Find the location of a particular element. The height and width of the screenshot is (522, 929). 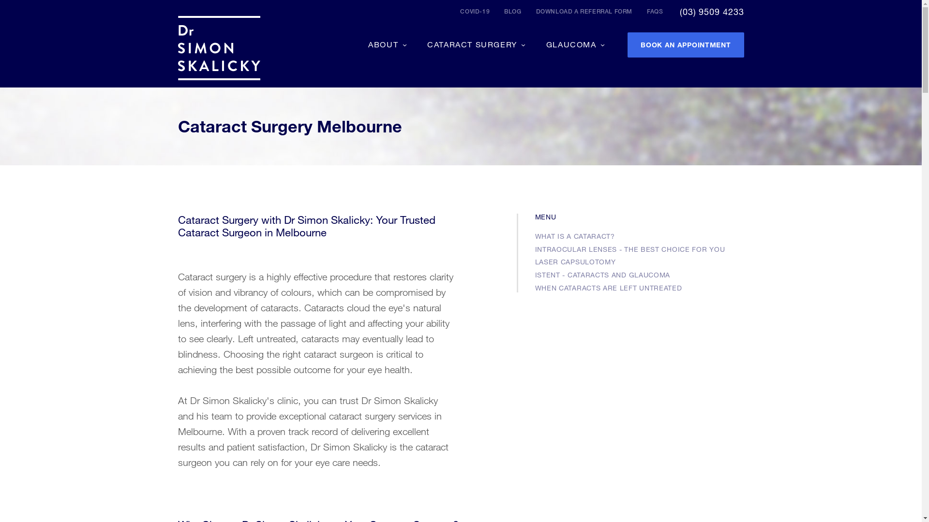

'ABOUT' is located at coordinates (387, 44).